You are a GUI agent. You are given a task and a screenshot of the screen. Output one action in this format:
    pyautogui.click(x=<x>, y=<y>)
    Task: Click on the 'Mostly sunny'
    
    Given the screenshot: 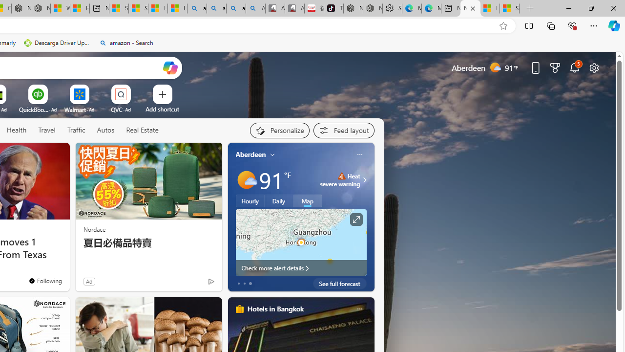 What is the action you would take?
    pyautogui.click(x=246, y=180)
    